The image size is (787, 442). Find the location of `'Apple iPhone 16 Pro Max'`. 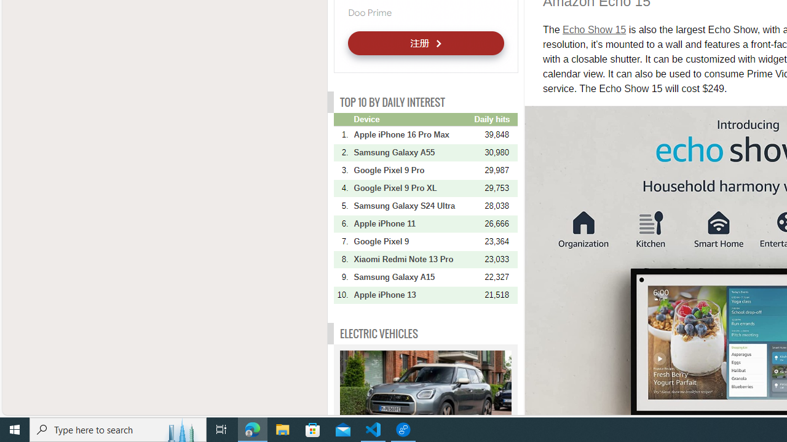

'Apple iPhone 16 Pro Max' is located at coordinates (413, 134).